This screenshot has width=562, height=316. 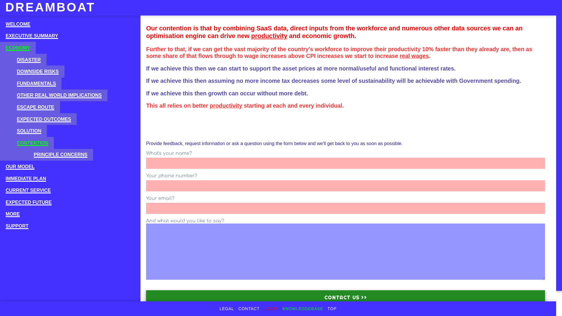 I want to click on 'MORE', so click(x=13, y=214).